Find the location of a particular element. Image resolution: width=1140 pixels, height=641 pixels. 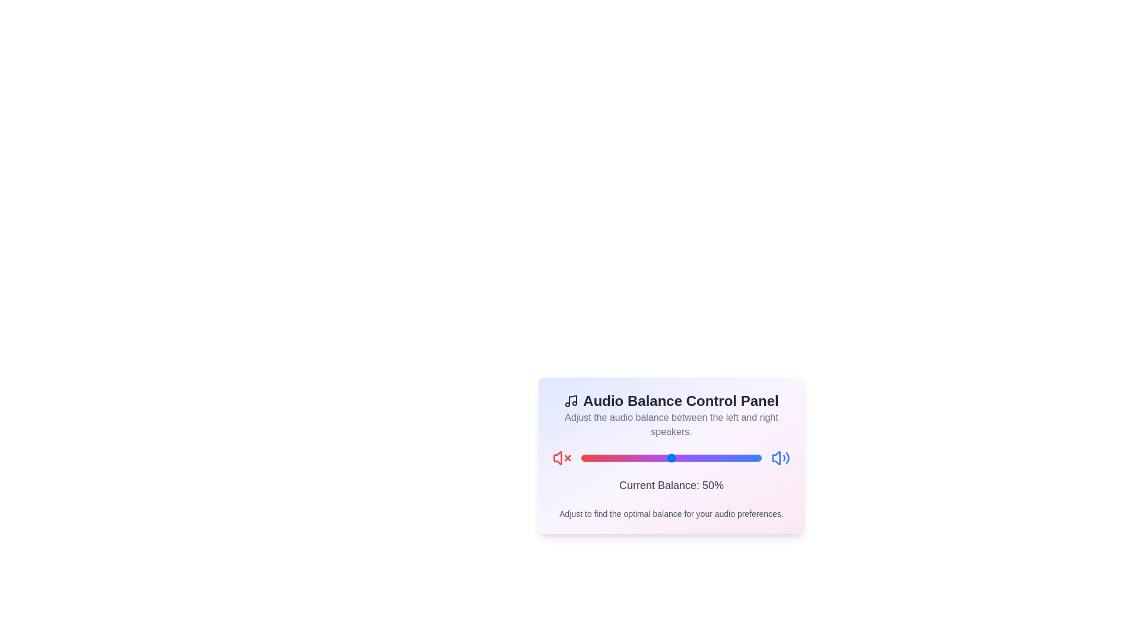

the balance slider to 71% is located at coordinates (709, 457).